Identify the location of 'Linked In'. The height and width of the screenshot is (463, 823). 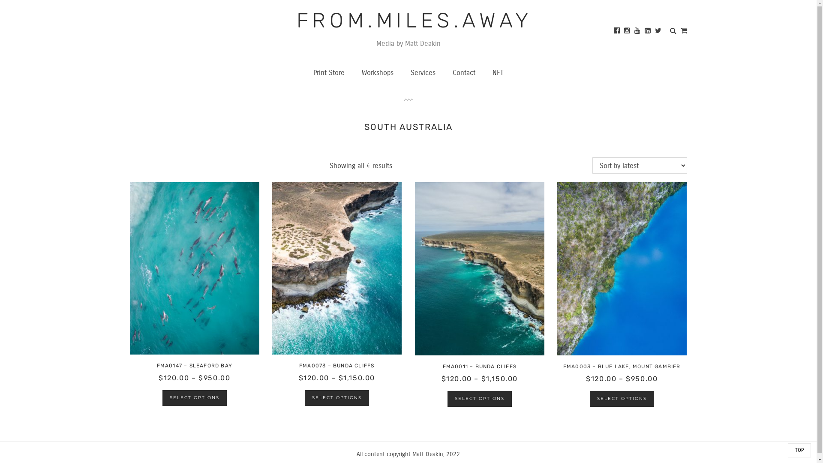
(648, 29).